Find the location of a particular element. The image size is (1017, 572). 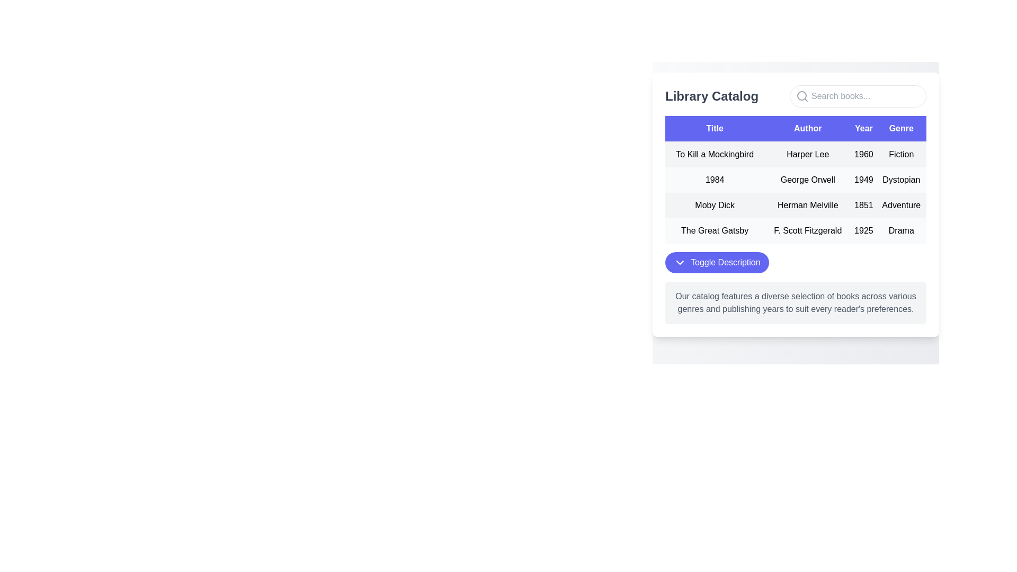

the text block styled in gray that contains the content 'Our catalog features a diverse selection of books across various genres and publishing years to suit every reader's preferences.', located near the bottom of the 'Library Catalog' section, below the 'Toggle Description' button is located at coordinates (796, 302).